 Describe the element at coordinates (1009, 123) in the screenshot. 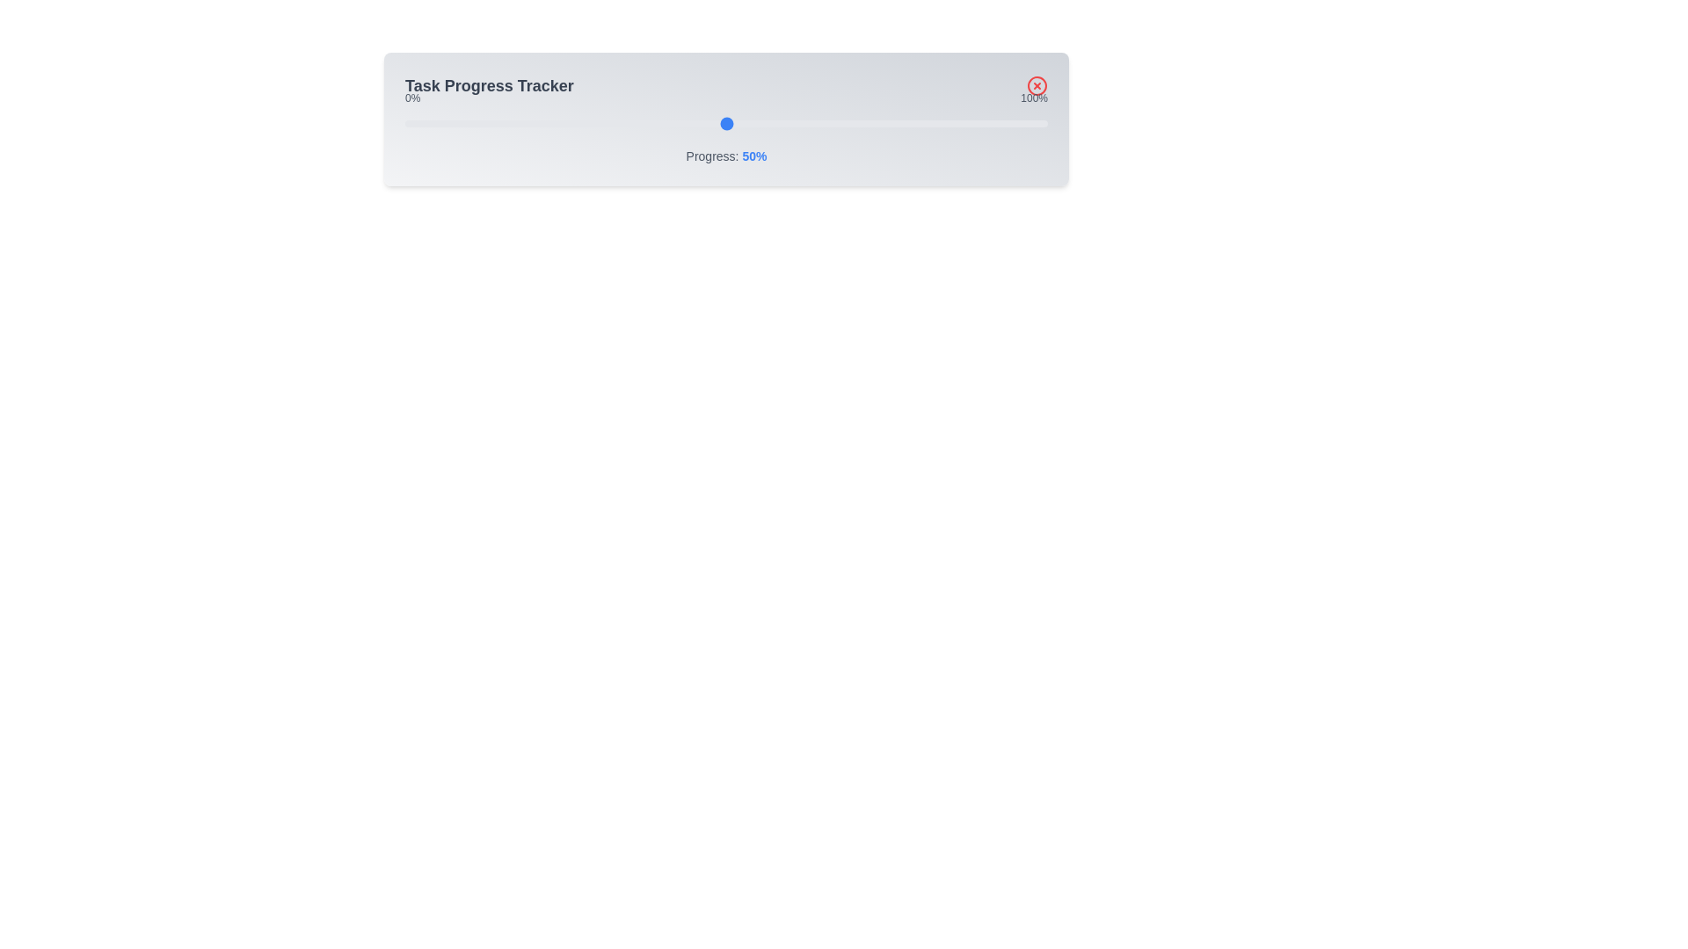

I see `the slider` at that location.